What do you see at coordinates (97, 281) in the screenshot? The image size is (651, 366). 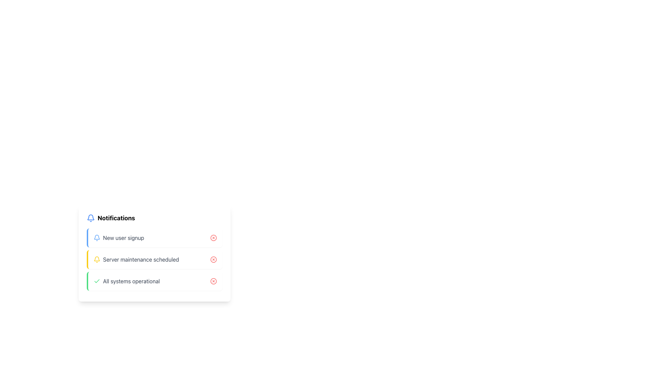 I see `the green checkmark icon located to the left of the text 'All systems operational' in the bottommost notification item to confirm operational status` at bounding box center [97, 281].